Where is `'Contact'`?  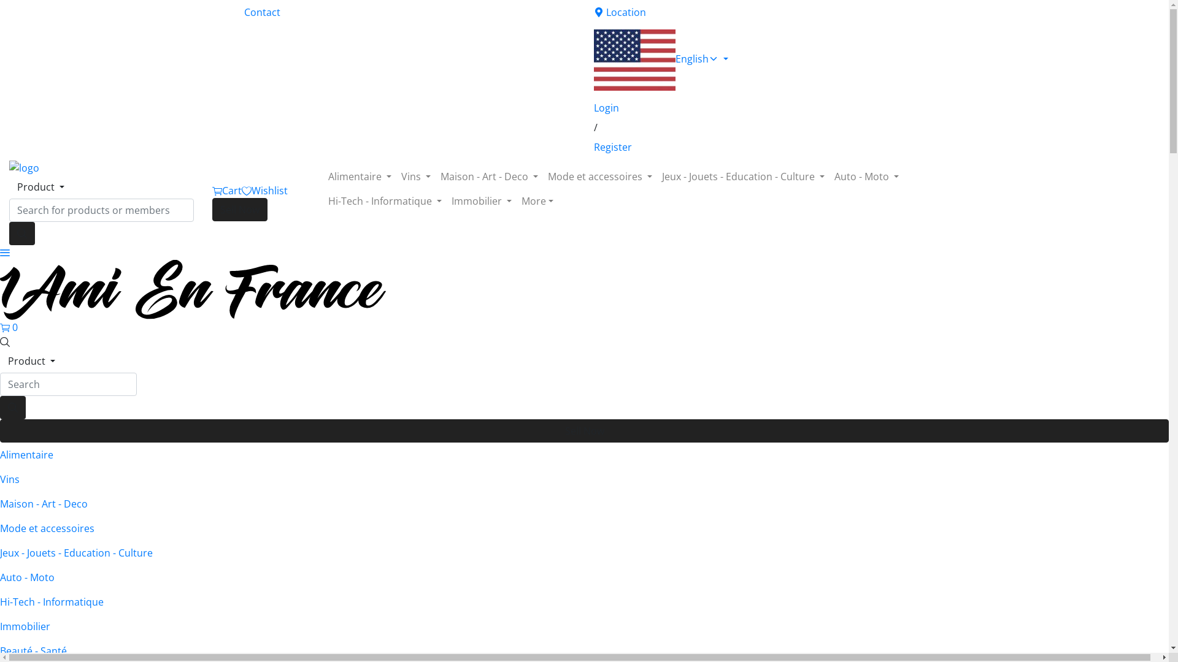
'Contact' is located at coordinates (409, 12).